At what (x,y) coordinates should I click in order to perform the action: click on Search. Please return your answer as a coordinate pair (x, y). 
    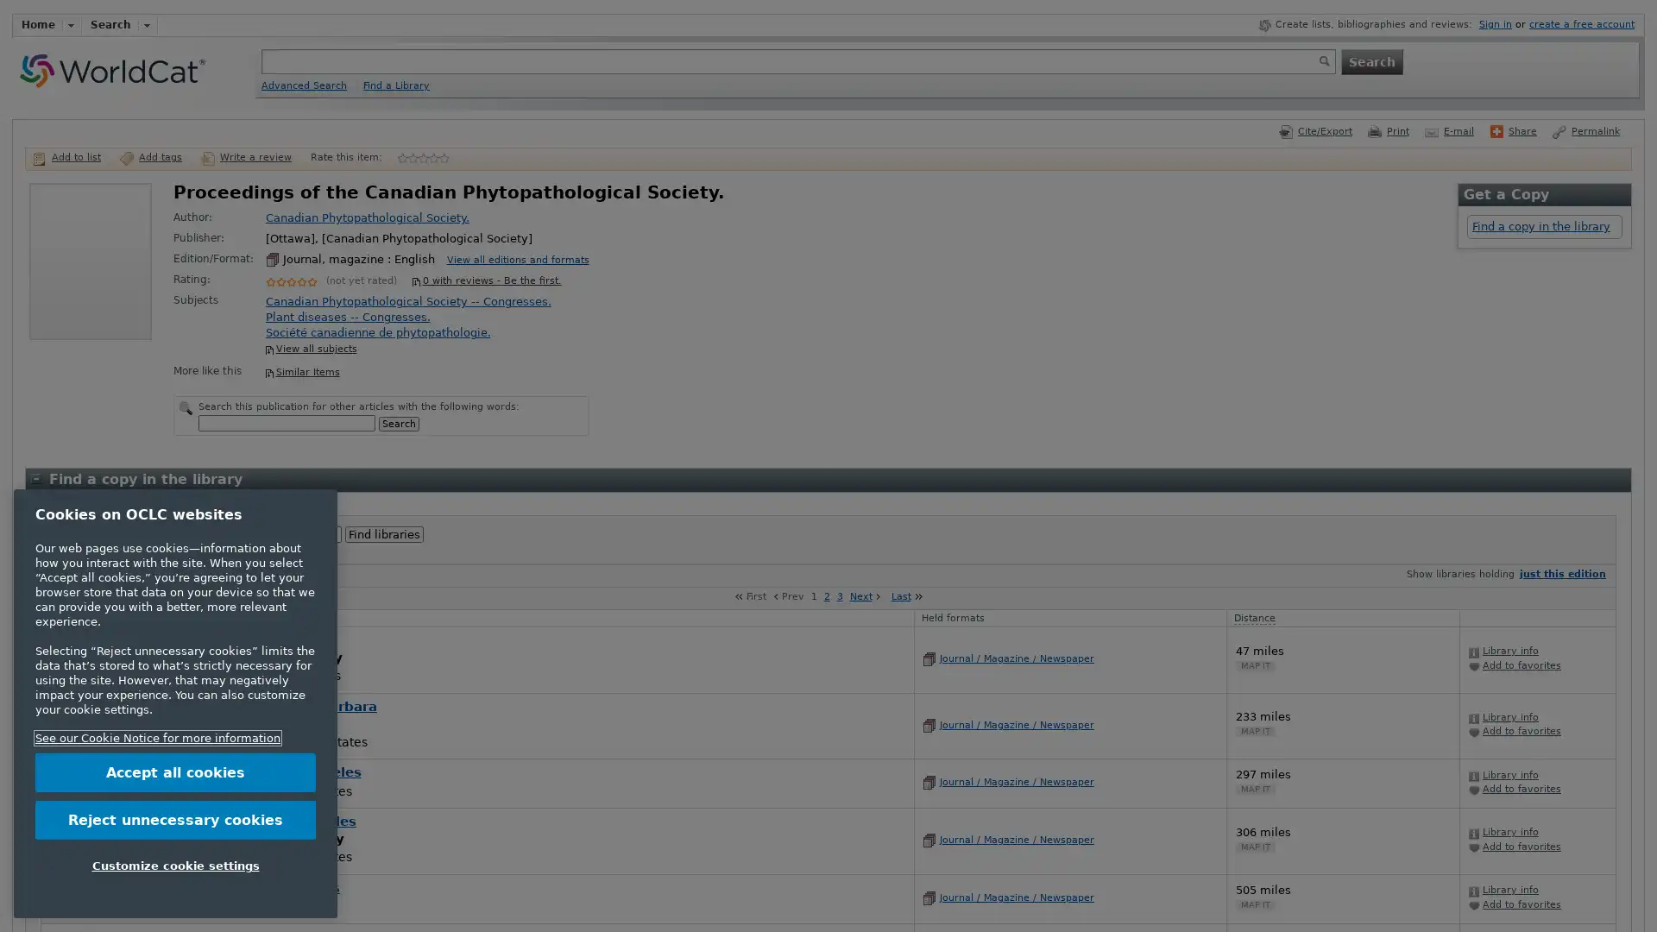
    Looking at the image, I should click on (1370, 60).